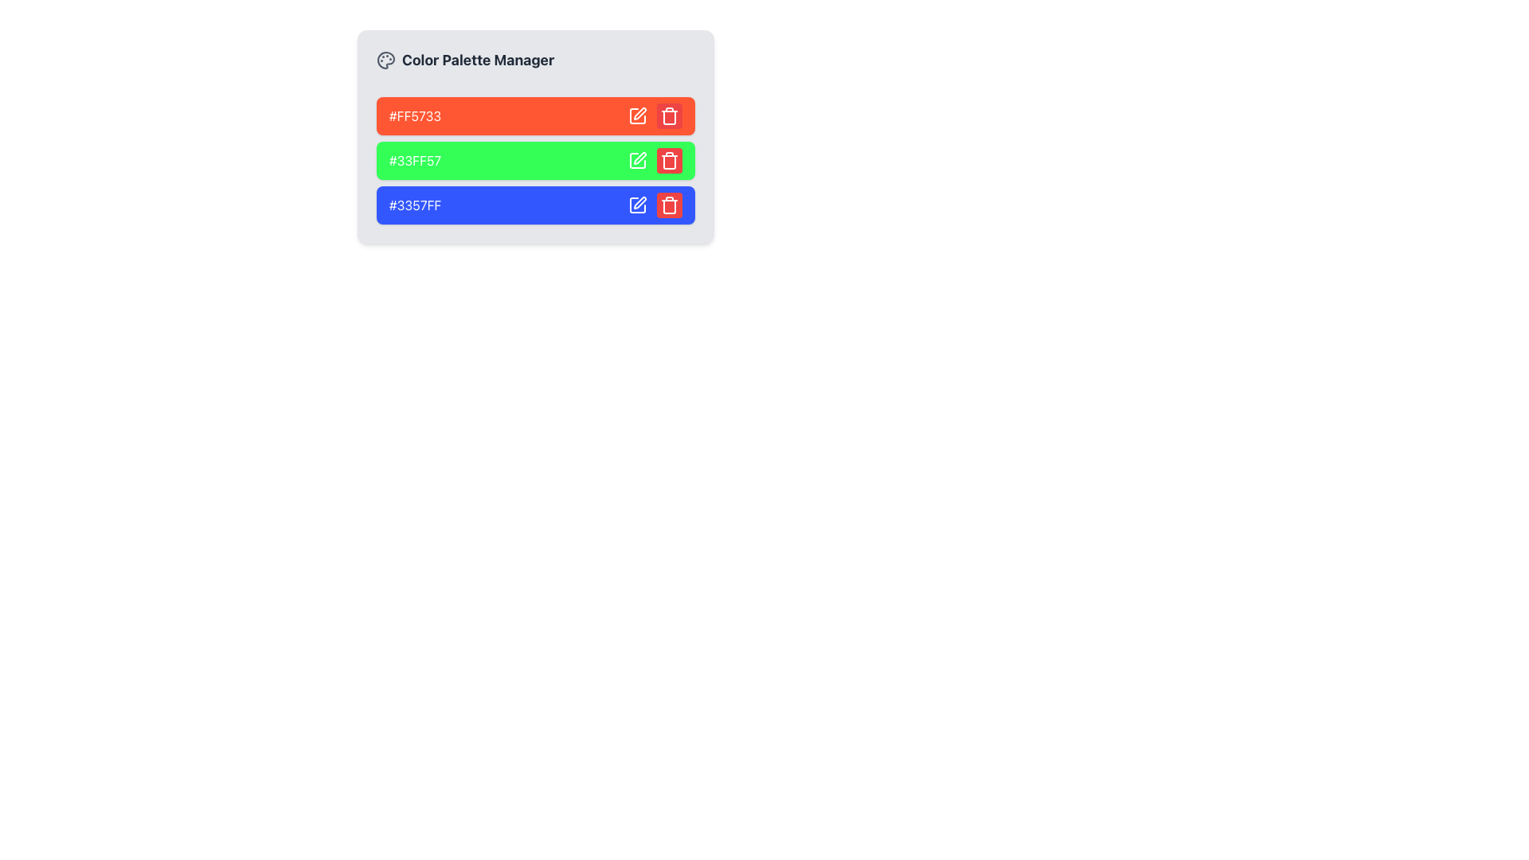 The height and width of the screenshot is (860, 1529). Describe the element at coordinates (415, 205) in the screenshot. I see `the text label displaying the hexadecimal color code '#3357FF', which is styled in white font against a blue background and is the third item in a color-coded list` at that location.